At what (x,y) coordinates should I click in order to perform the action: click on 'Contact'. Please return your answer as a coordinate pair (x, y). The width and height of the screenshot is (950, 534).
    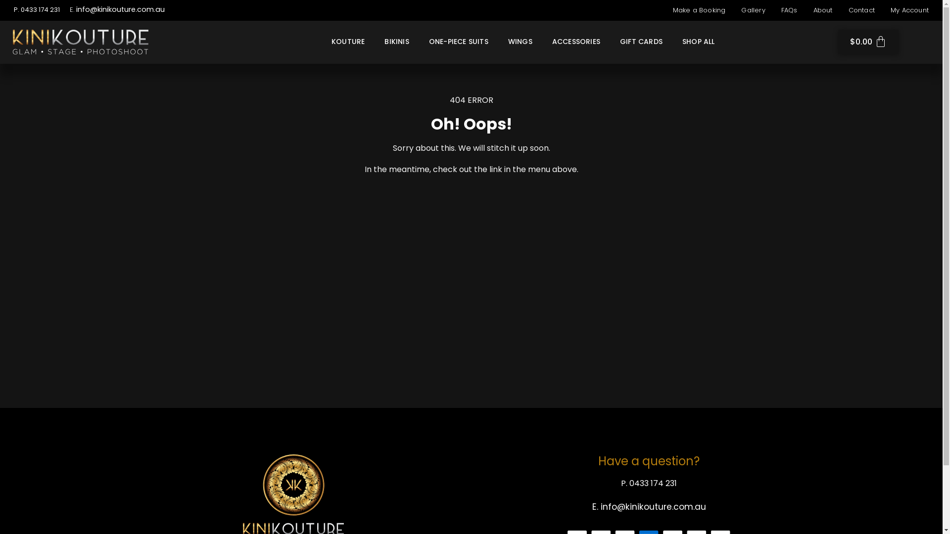
    Looking at the image, I should click on (861, 10).